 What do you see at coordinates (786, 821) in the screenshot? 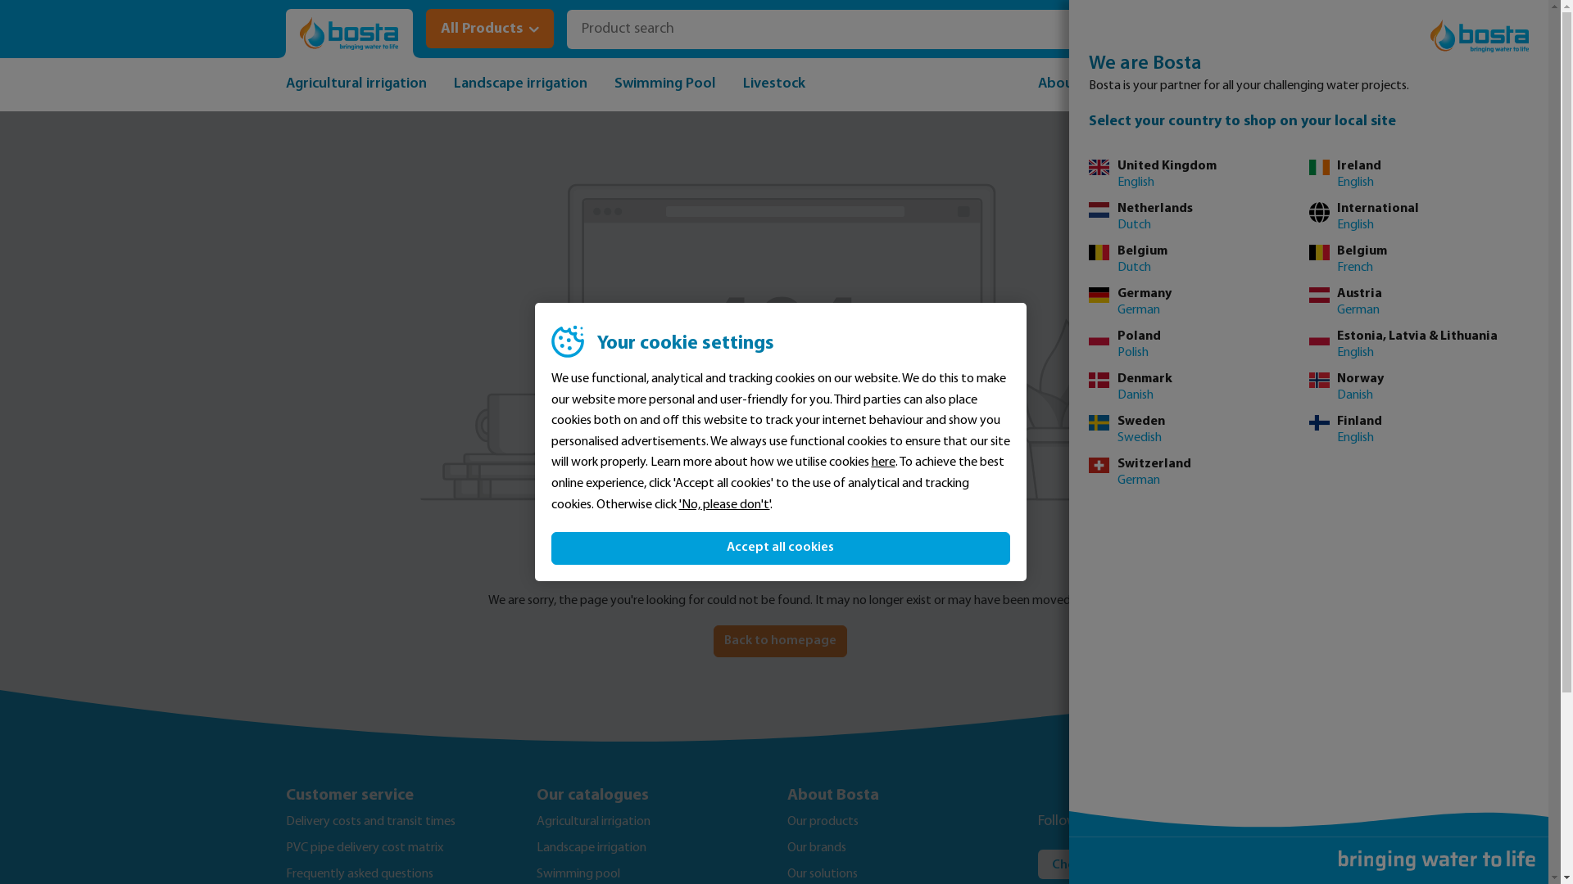
I see `'Our products'` at bounding box center [786, 821].